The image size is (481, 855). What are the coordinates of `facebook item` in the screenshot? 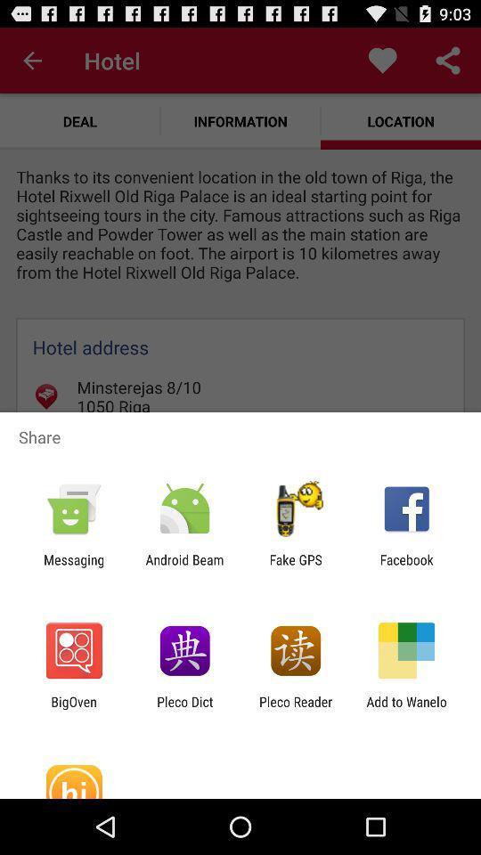 It's located at (406, 566).